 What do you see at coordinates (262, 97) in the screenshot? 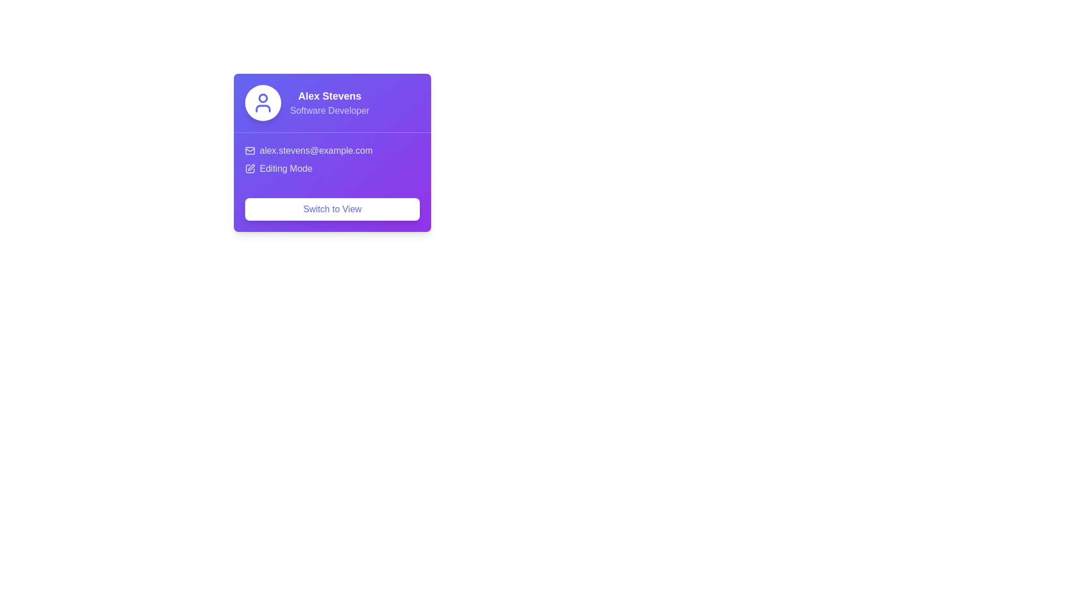
I see `the SVG circle representing the user's head in the avatar icon located at the top-left segment of the card` at bounding box center [262, 97].